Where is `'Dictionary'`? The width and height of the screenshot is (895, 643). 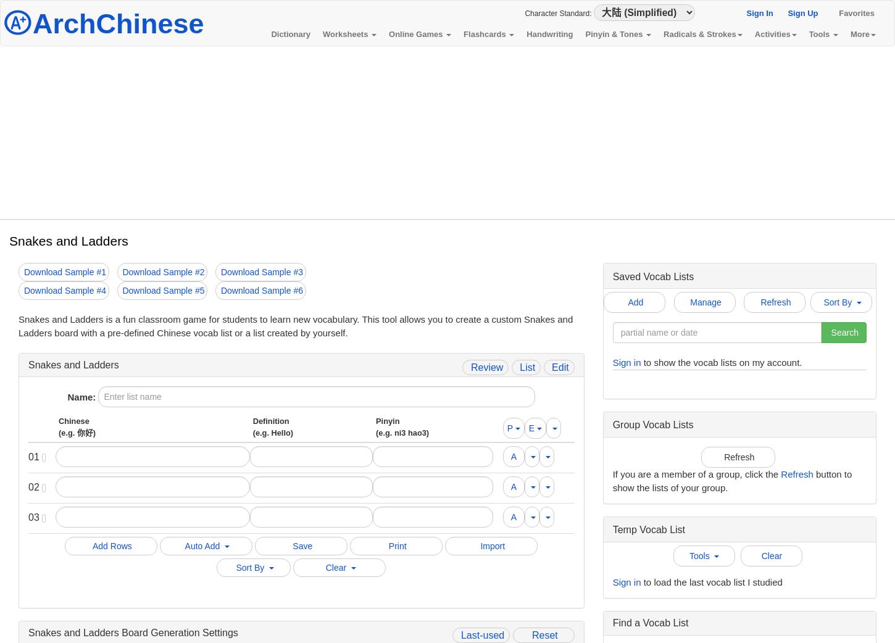
'Dictionary' is located at coordinates (289, 33).